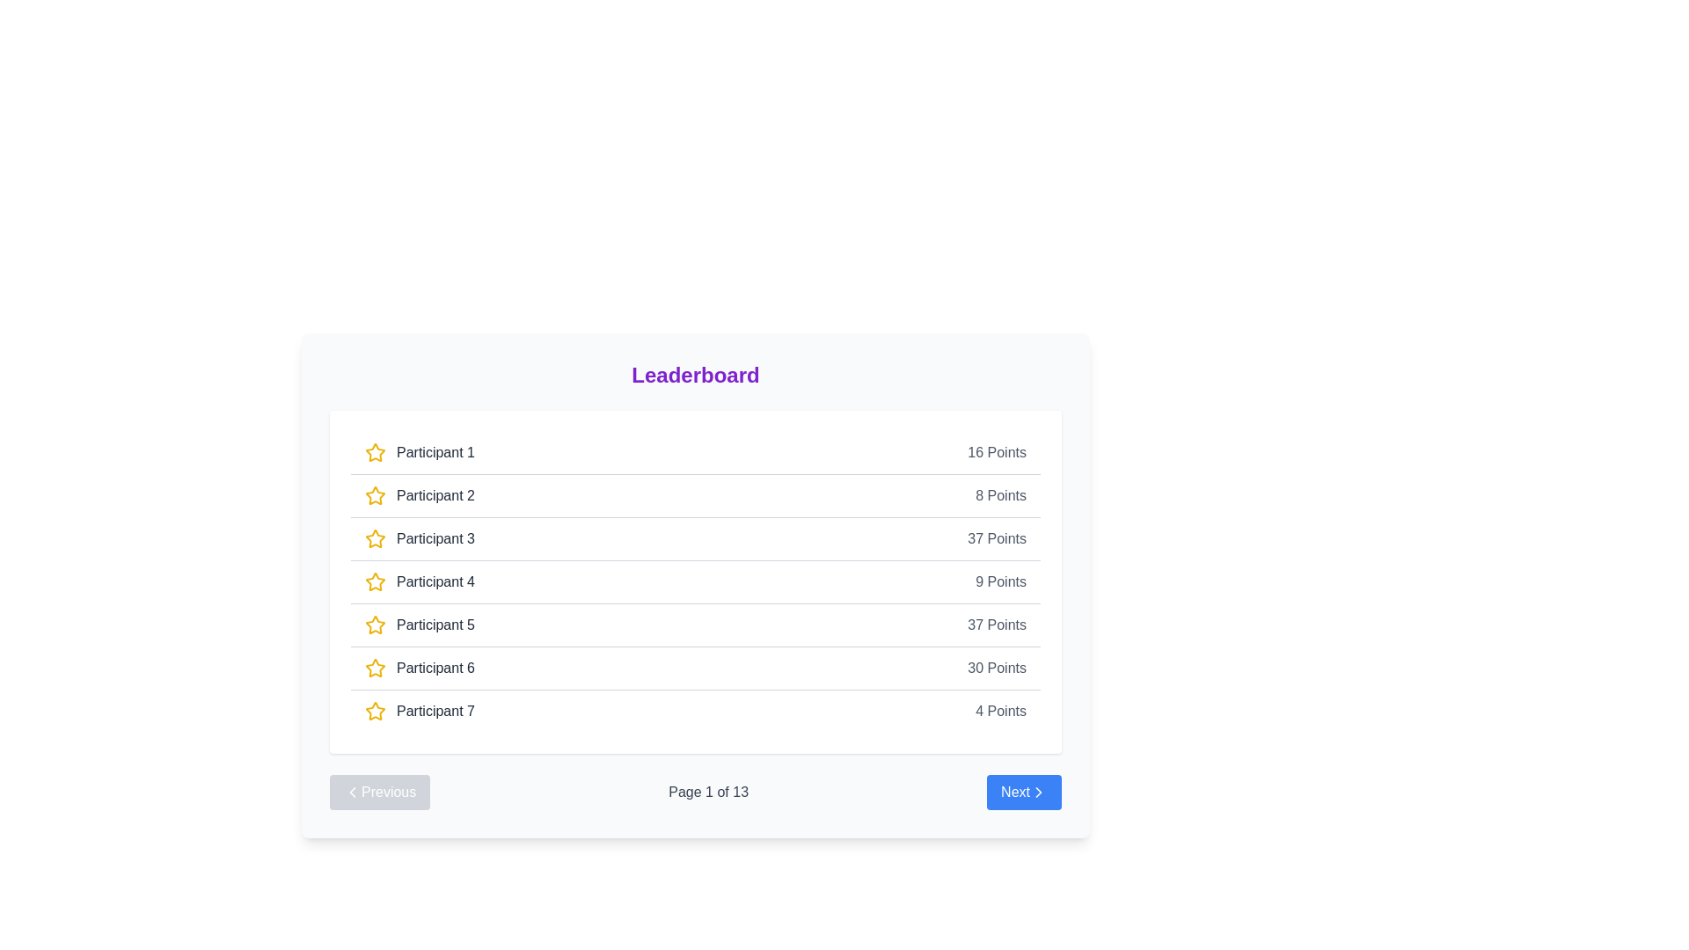 This screenshot has height=950, width=1689. Describe the element at coordinates (1038, 793) in the screenshot. I see `the right-pointing chevron icon associated with the 'Next' button at the bottom-right corner of the leaderboard interface` at that location.